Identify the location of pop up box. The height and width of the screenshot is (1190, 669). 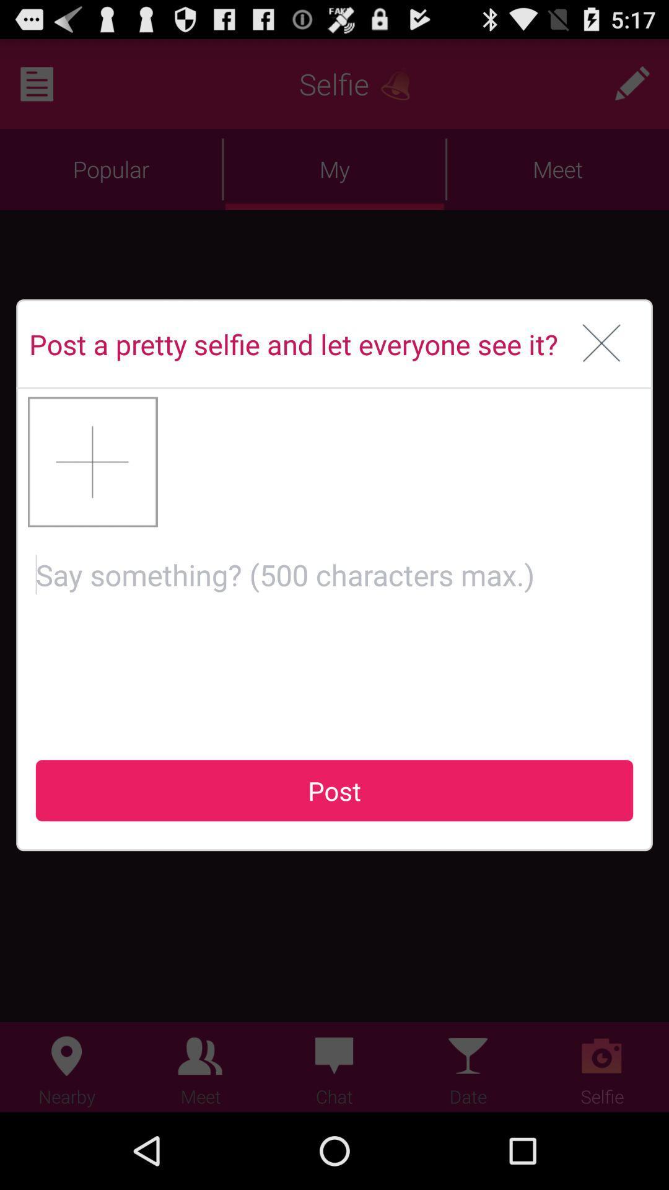
(601, 344).